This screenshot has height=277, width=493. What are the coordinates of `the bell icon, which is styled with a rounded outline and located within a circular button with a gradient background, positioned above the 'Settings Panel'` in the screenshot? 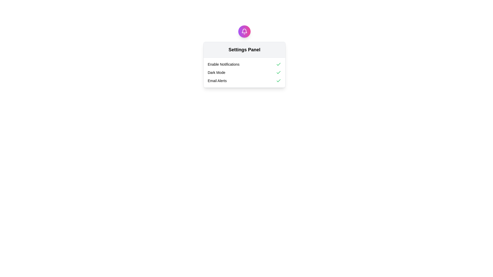 It's located at (244, 32).